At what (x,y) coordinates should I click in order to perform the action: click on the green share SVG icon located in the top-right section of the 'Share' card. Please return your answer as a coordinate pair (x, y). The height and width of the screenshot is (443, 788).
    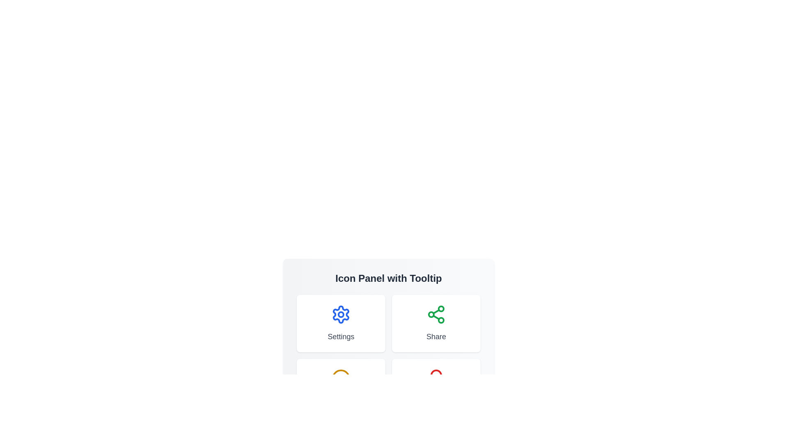
    Looking at the image, I should click on (435, 314).